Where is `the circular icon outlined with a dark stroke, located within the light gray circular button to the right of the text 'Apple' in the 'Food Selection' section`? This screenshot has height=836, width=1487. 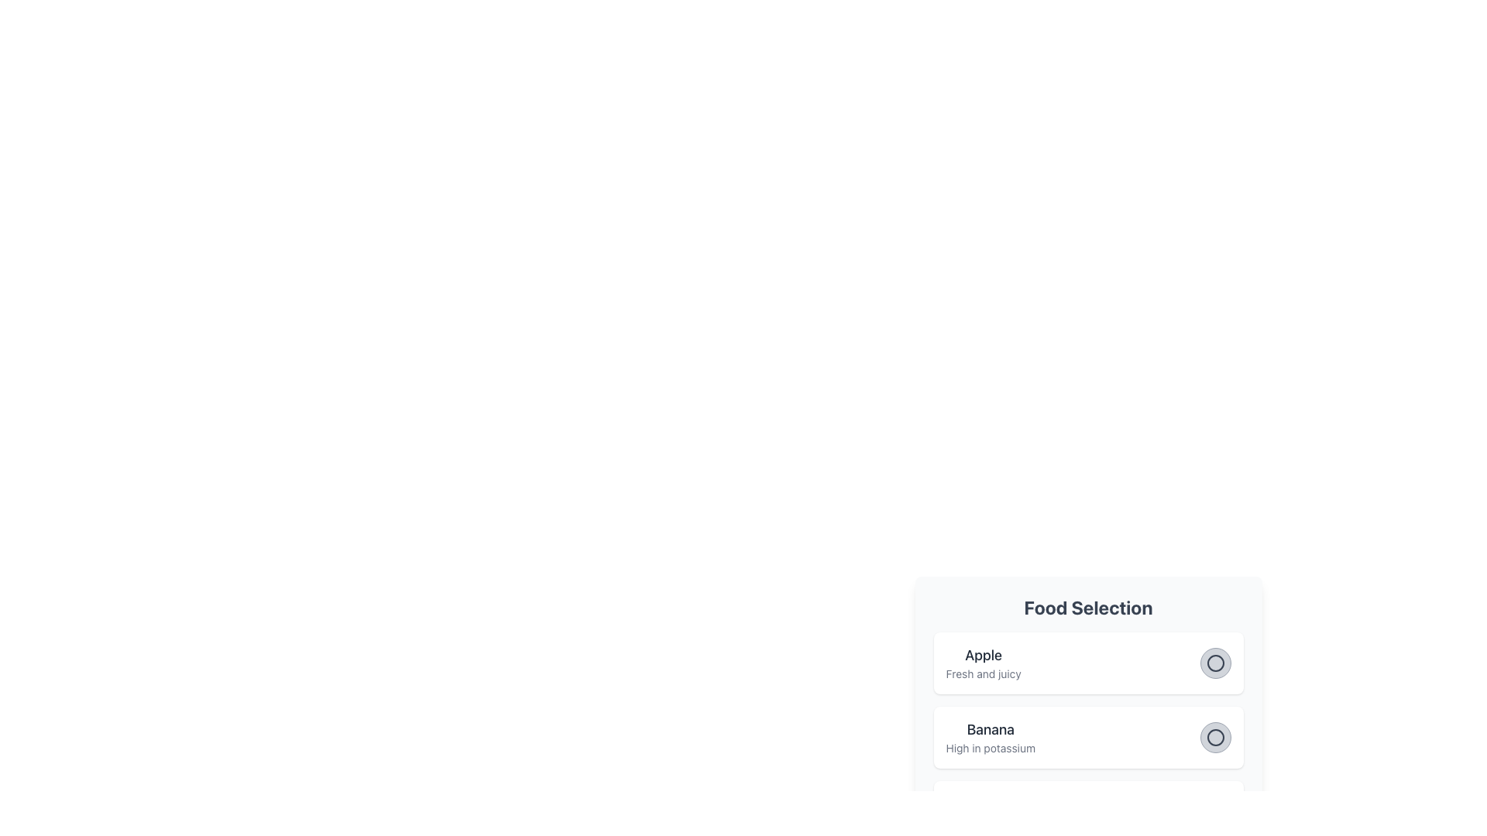 the circular icon outlined with a dark stroke, located within the light gray circular button to the right of the text 'Apple' in the 'Food Selection' section is located at coordinates (1214, 662).